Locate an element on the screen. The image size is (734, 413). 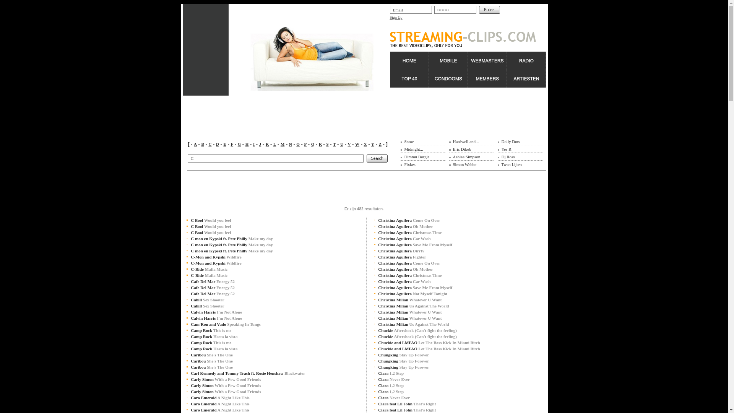
'Y' is located at coordinates (371, 144).